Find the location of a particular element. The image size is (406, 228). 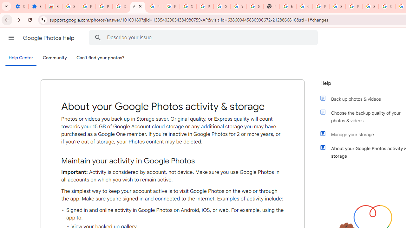

'Extensions' is located at coordinates (36, 6).